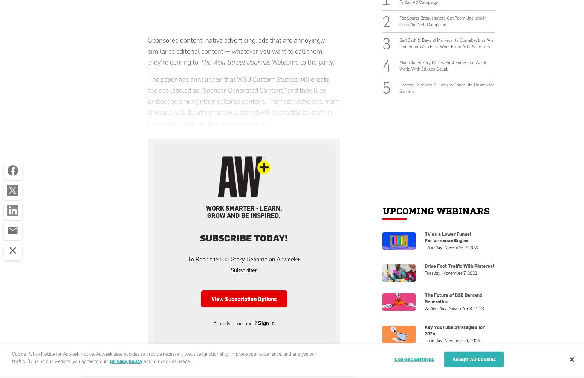 Image resolution: width=584 pixels, height=378 pixels. What do you see at coordinates (301, 61) in the screenshot?
I see `'. Welcome to the party.'` at bounding box center [301, 61].